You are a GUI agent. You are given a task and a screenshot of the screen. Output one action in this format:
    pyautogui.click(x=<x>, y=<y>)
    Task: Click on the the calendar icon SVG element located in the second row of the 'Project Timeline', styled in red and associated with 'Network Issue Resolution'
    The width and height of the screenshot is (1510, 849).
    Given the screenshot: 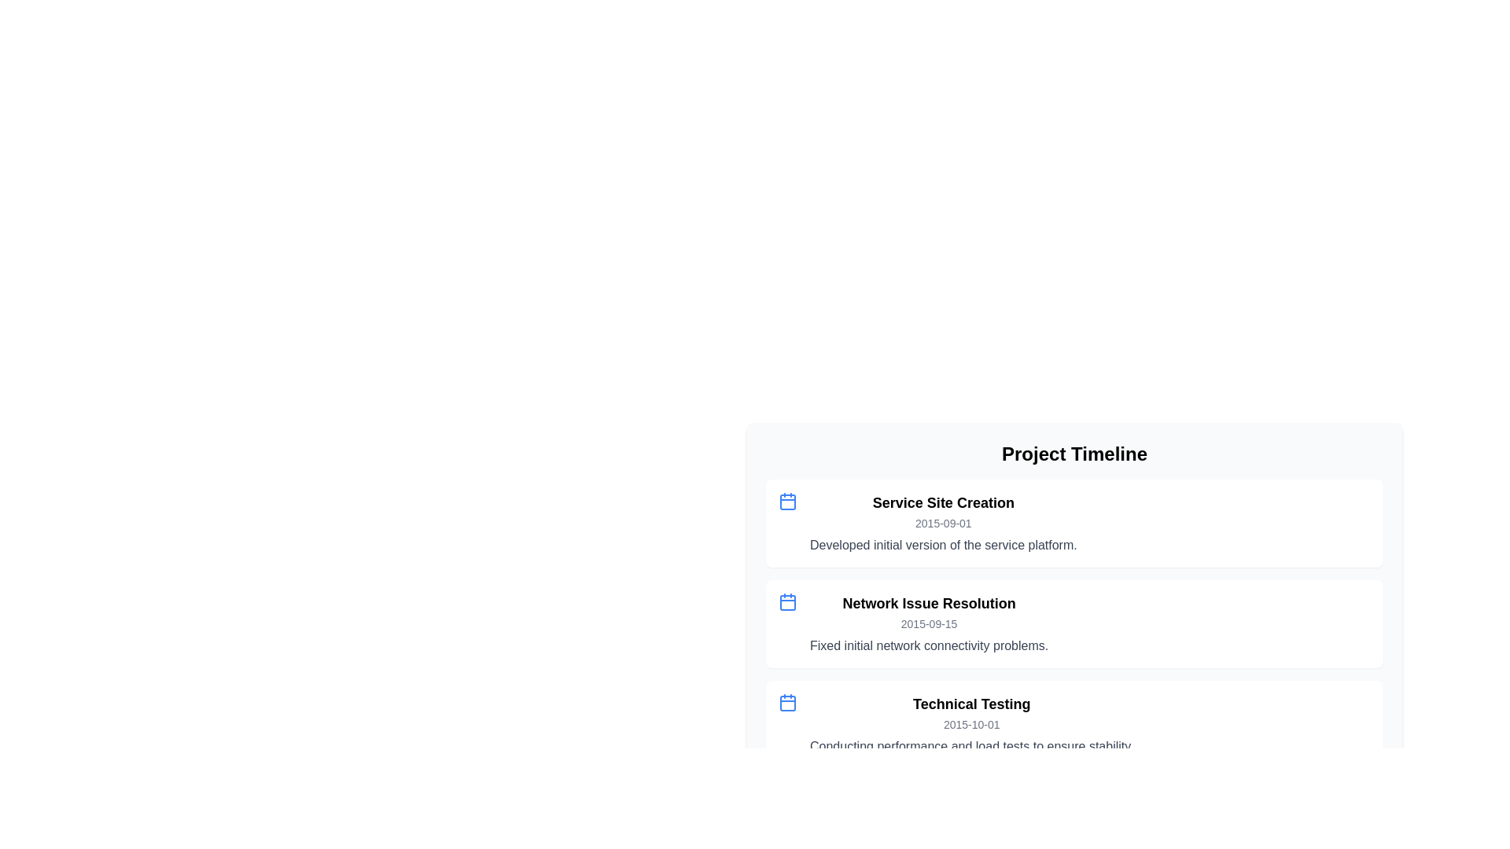 What is the action you would take?
    pyautogui.click(x=788, y=602)
    